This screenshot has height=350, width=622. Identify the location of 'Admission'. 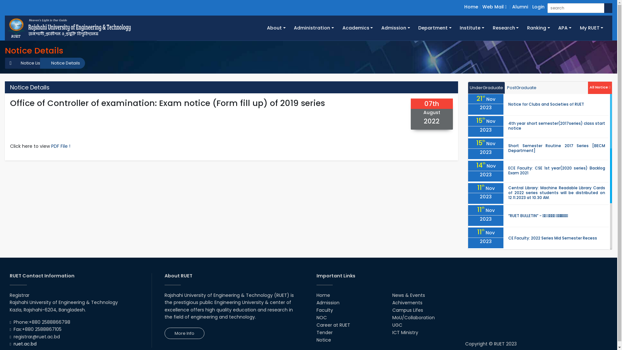
(377, 28).